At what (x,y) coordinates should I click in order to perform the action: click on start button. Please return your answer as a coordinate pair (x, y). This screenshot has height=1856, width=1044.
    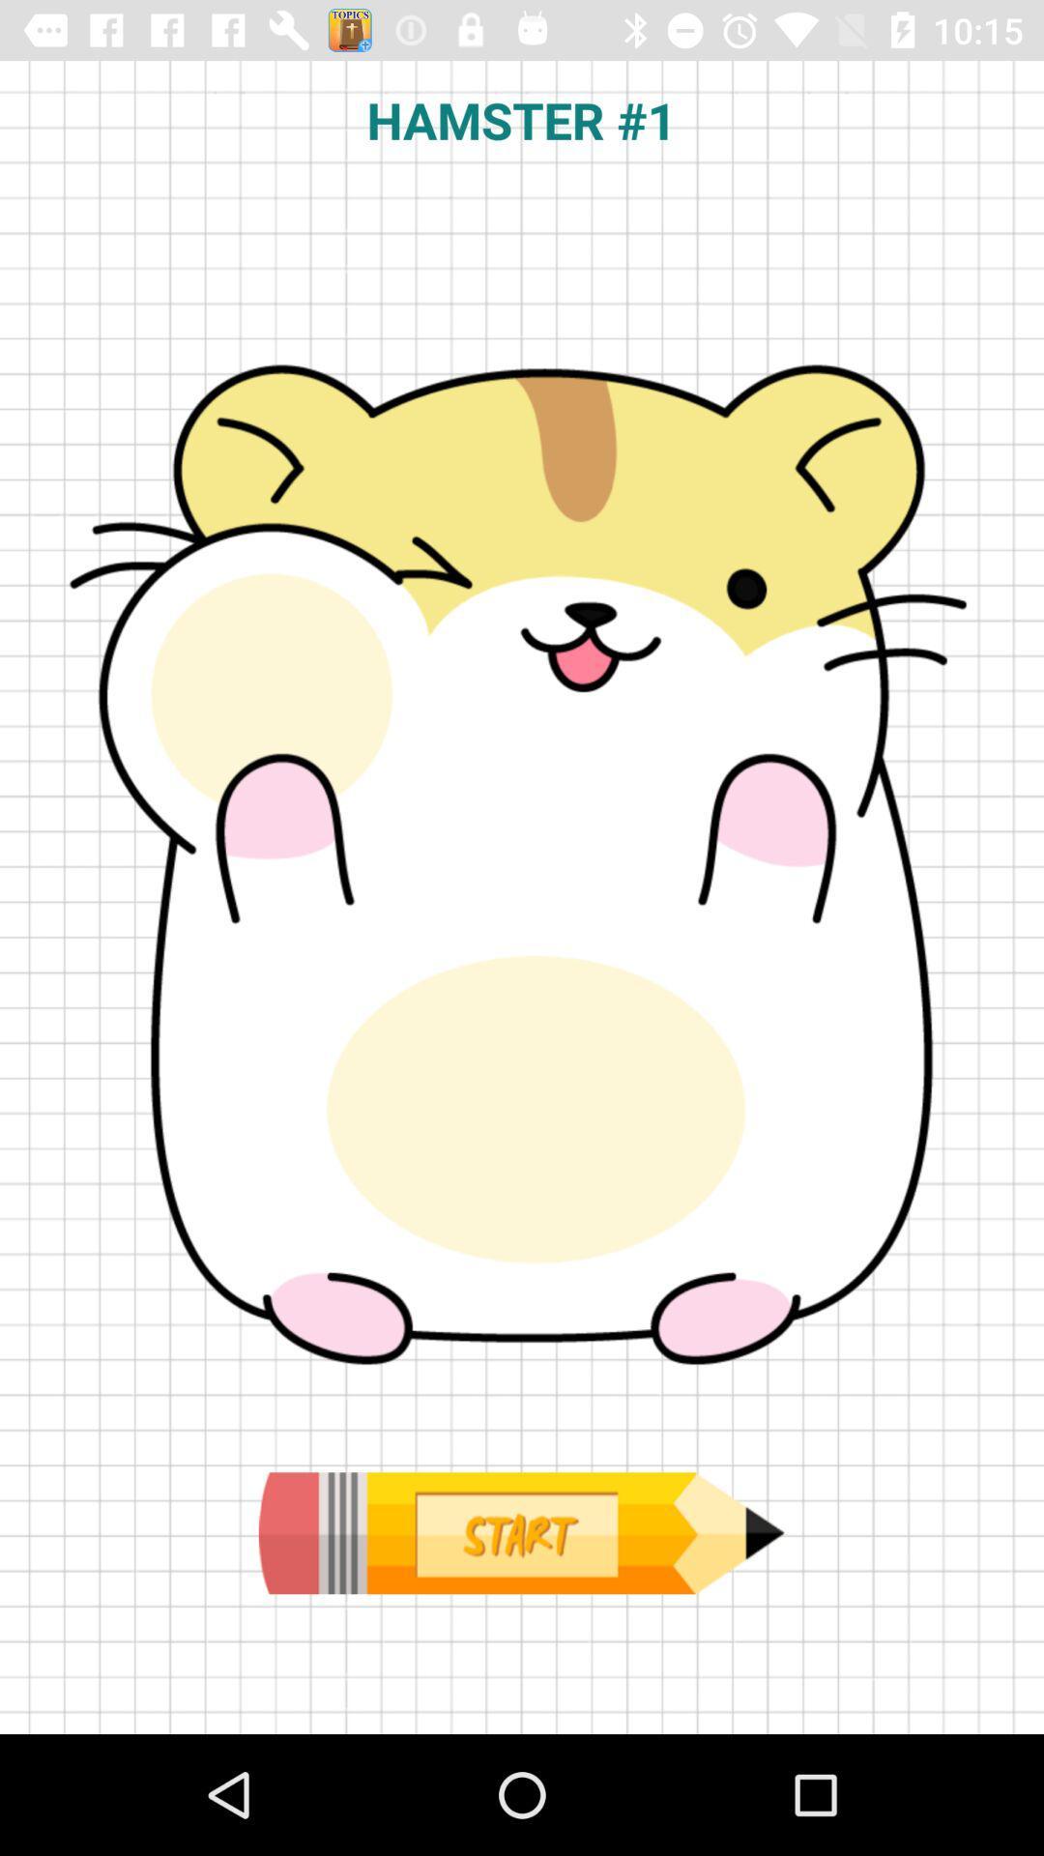
    Looking at the image, I should click on (520, 1532).